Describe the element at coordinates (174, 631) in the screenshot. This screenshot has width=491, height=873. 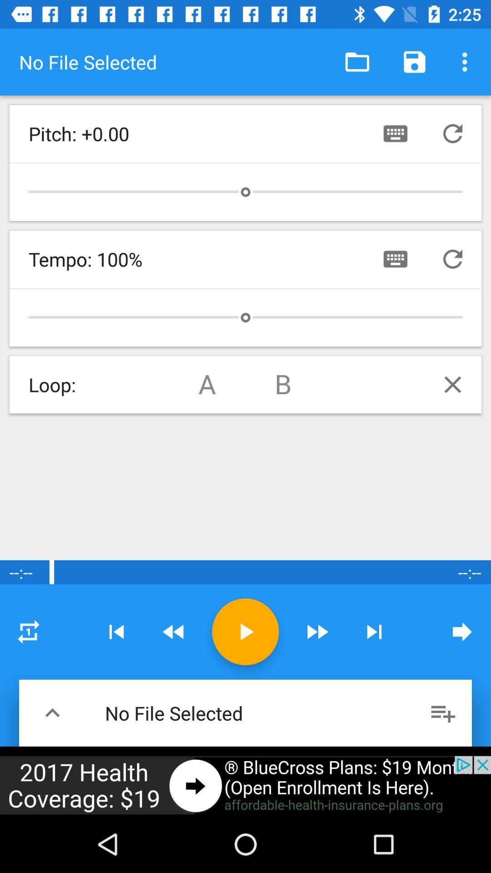
I see `the av_rewind icon` at that location.